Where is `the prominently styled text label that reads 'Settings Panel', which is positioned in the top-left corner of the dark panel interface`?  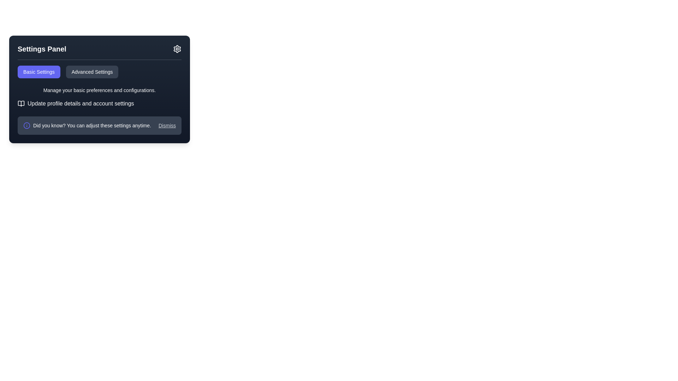
the prominently styled text label that reads 'Settings Panel', which is positioned in the top-left corner of the dark panel interface is located at coordinates (41, 48).